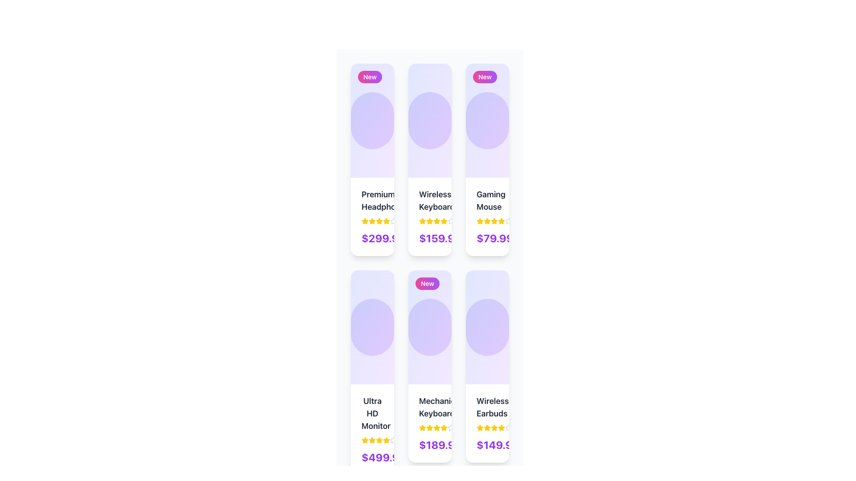 The image size is (856, 481). I want to click on the third yellow star icon in the 5-star rating system for the product card titled 'Mechanical Keyboard', so click(430, 427).